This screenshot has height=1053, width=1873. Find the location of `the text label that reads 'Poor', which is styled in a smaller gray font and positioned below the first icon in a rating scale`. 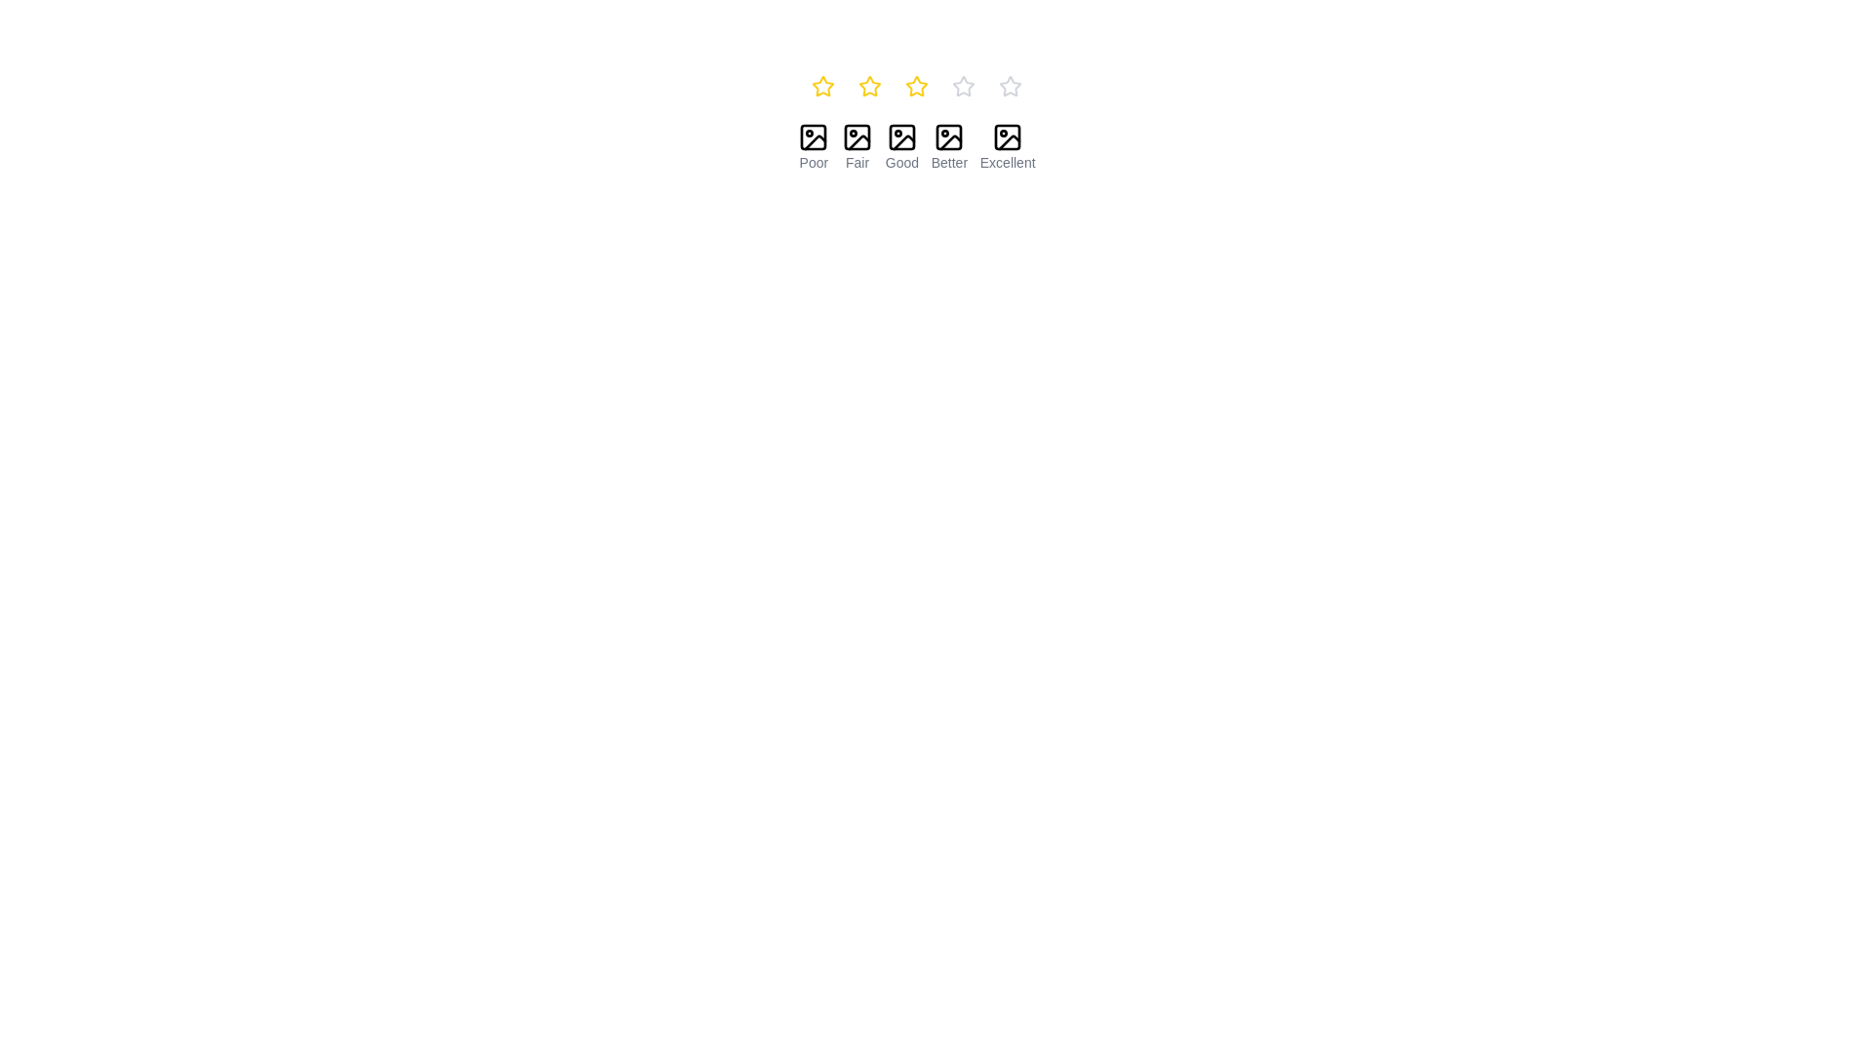

the text label that reads 'Poor', which is styled in a smaller gray font and positioned below the first icon in a rating scale is located at coordinates (814, 161).